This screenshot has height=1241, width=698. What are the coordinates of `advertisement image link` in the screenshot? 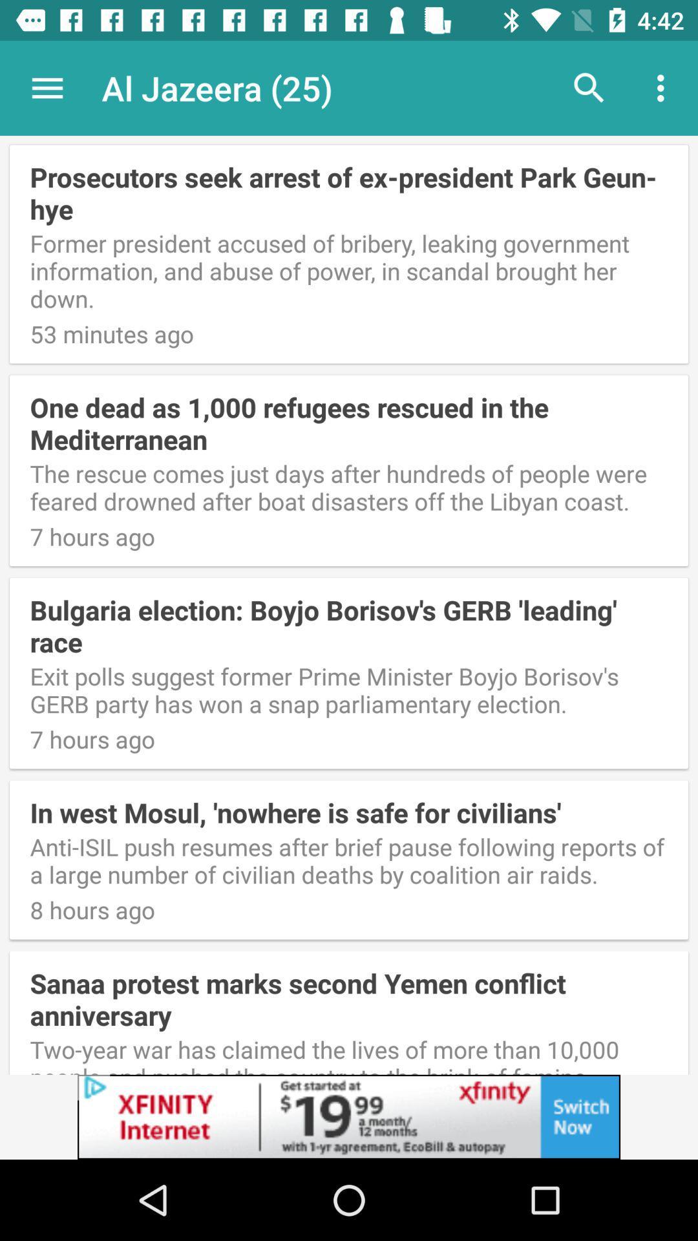 It's located at (349, 1116).